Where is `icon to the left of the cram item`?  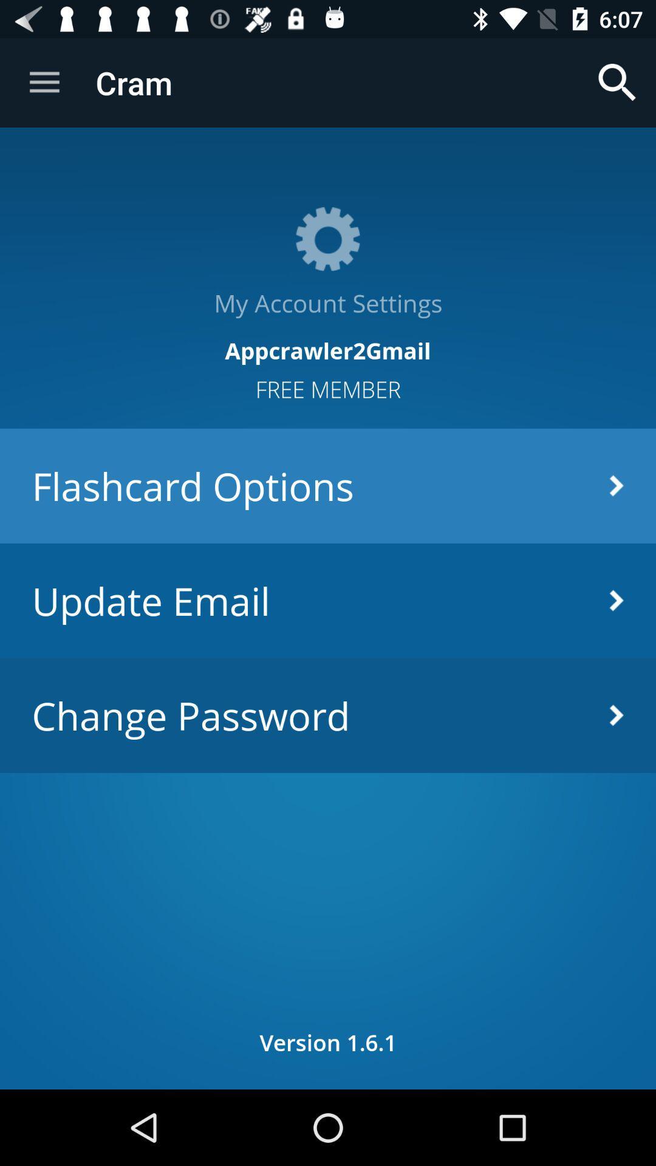
icon to the left of the cram item is located at coordinates (44, 82).